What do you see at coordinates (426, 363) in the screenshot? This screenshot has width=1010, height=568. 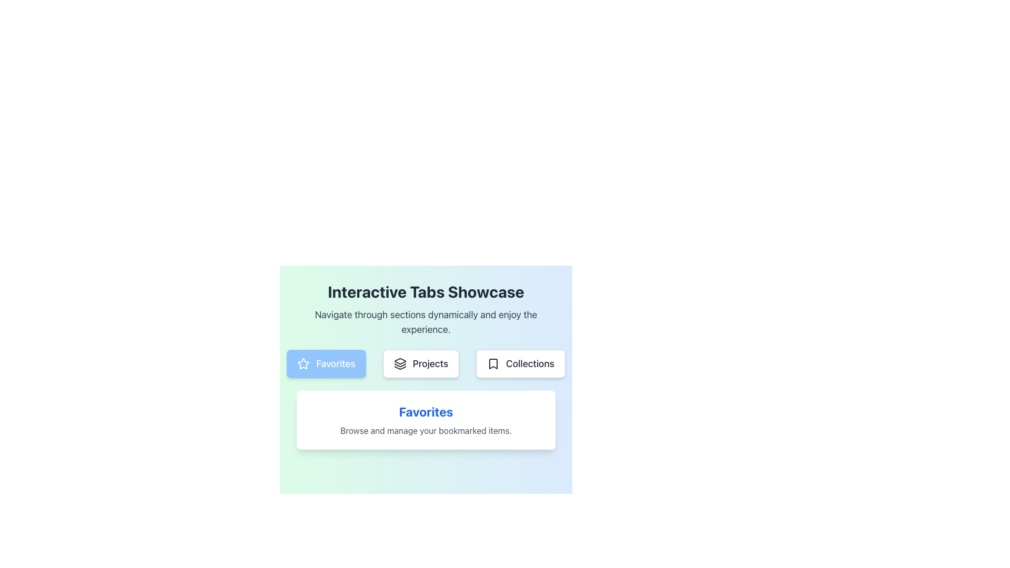 I see `the 'Projects' button located below the 'Interactive Tabs Showcase' title` at bounding box center [426, 363].